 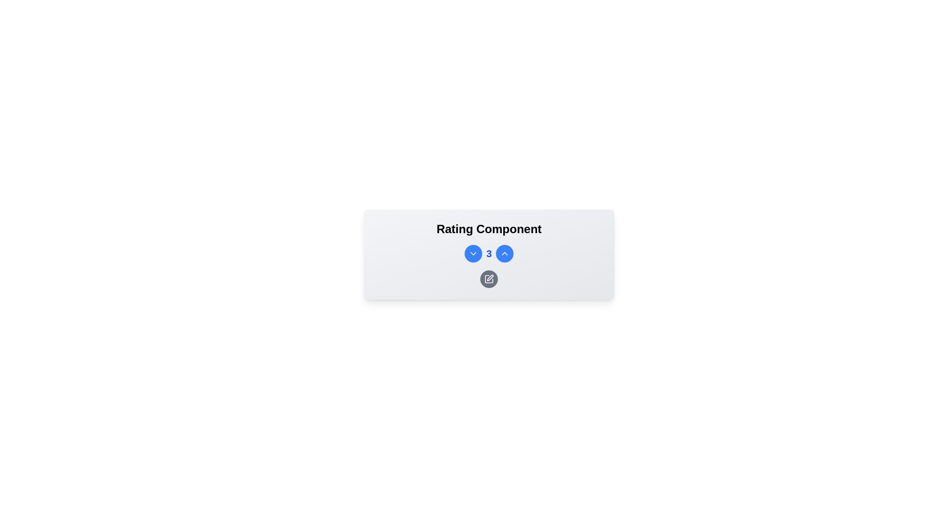 What do you see at coordinates (489, 279) in the screenshot?
I see `the 'edit' button located directly beneath the central number '3' in the rating component section for keyboard navigation` at bounding box center [489, 279].